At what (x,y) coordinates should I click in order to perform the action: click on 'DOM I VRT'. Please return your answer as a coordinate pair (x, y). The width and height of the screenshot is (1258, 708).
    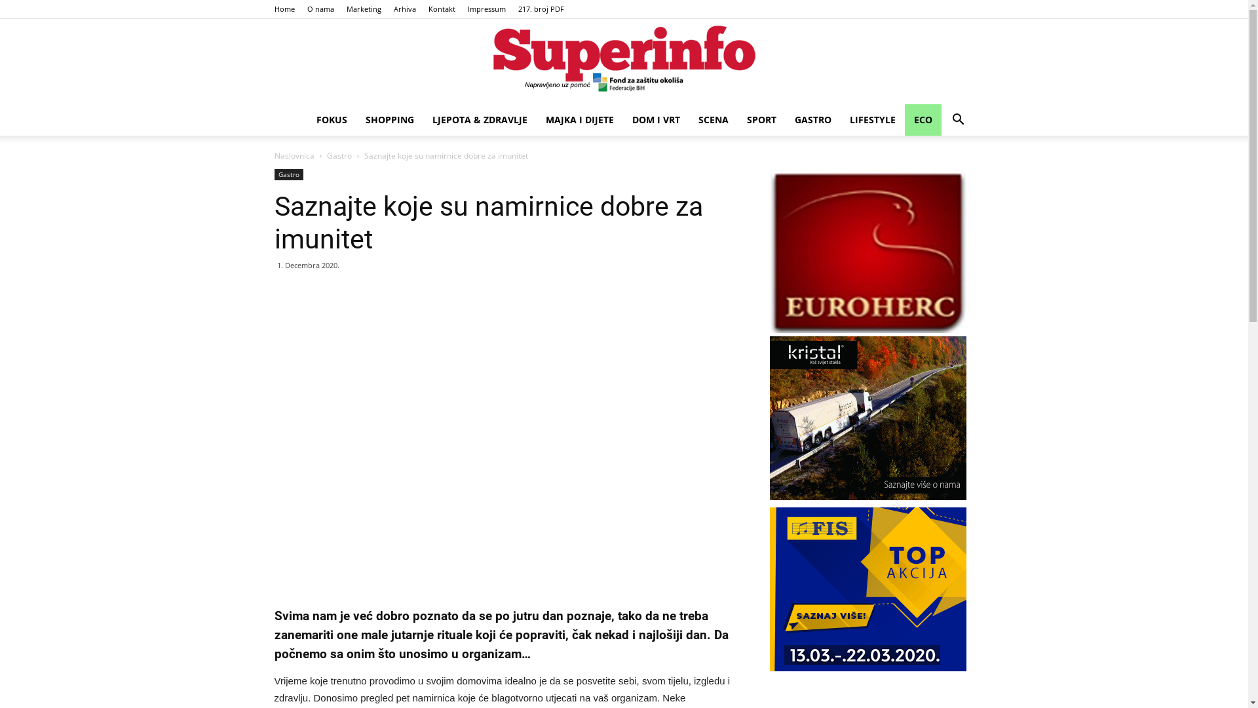
    Looking at the image, I should click on (622, 119).